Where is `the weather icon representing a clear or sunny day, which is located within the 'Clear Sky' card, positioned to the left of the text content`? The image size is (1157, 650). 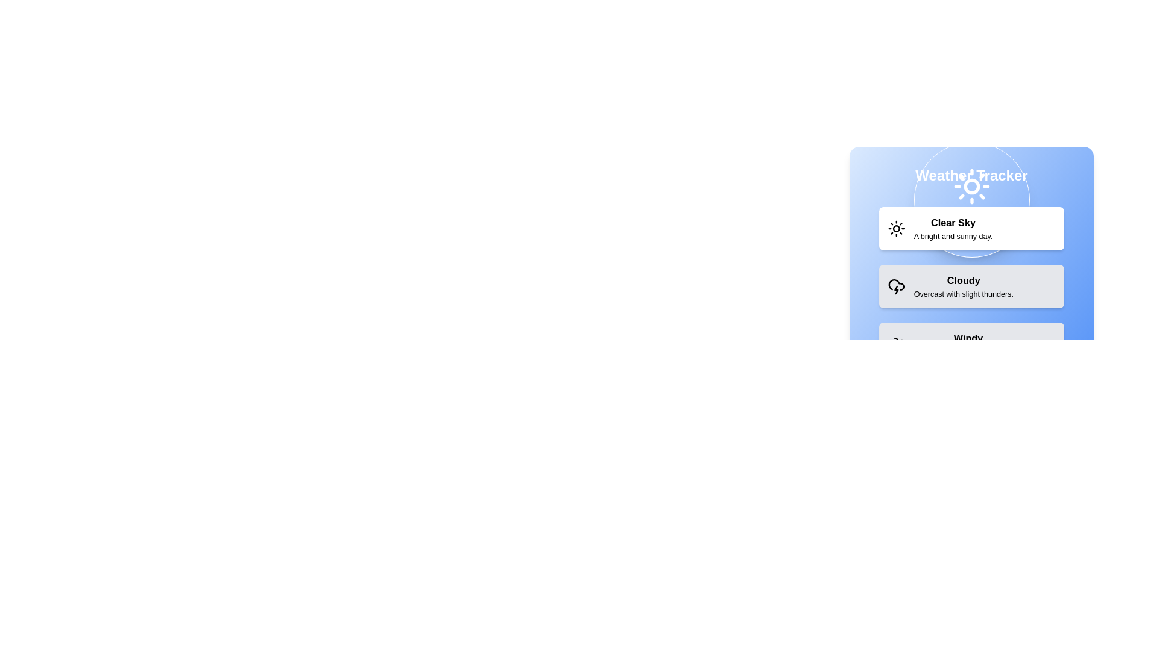 the weather icon representing a clear or sunny day, which is located within the 'Clear Sky' card, positioned to the left of the text content is located at coordinates (896, 229).